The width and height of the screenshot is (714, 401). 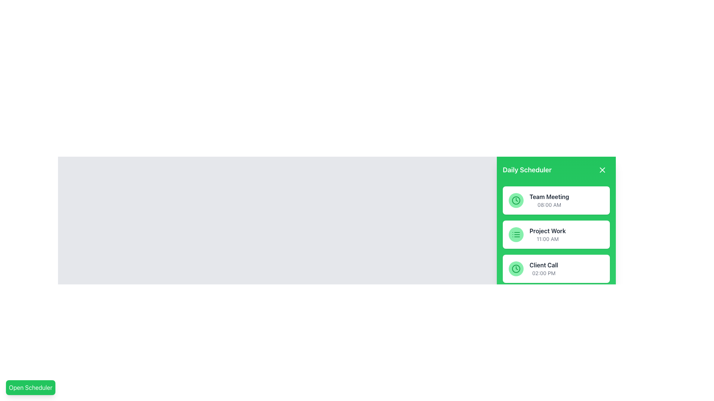 What do you see at coordinates (547, 235) in the screenshot?
I see `the second item in the daily schedule list, which is located in the green sidebar labeled 'Daily Scheduler'` at bounding box center [547, 235].